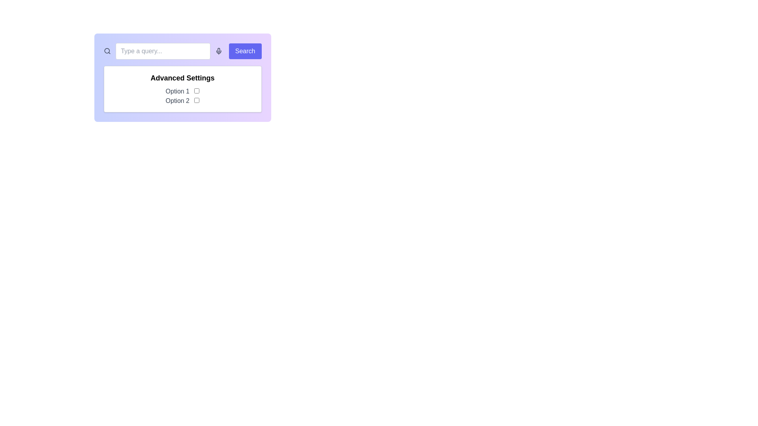  I want to click on the checkbox located to the right of the text label 'Option 1' in the 'Advanced Settings' section, so click(197, 90).